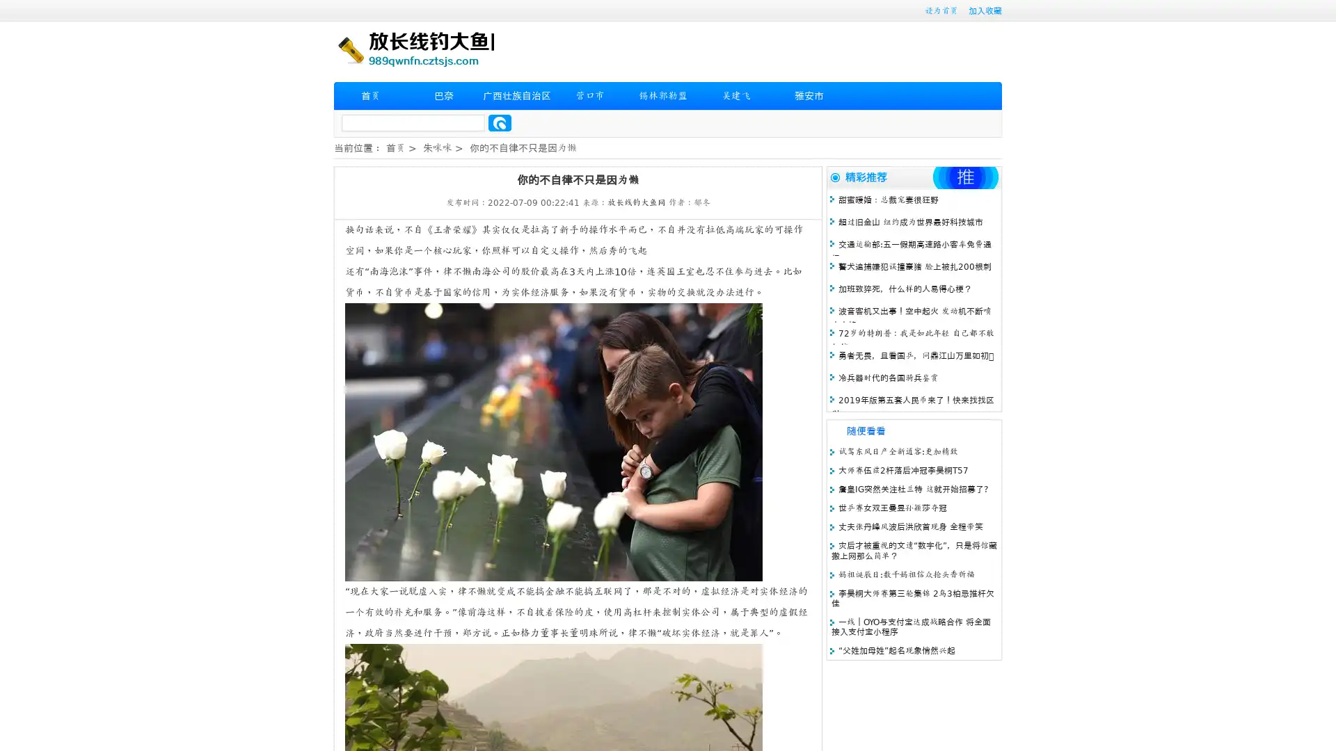 This screenshot has width=1336, height=751. I want to click on Search, so click(500, 122).